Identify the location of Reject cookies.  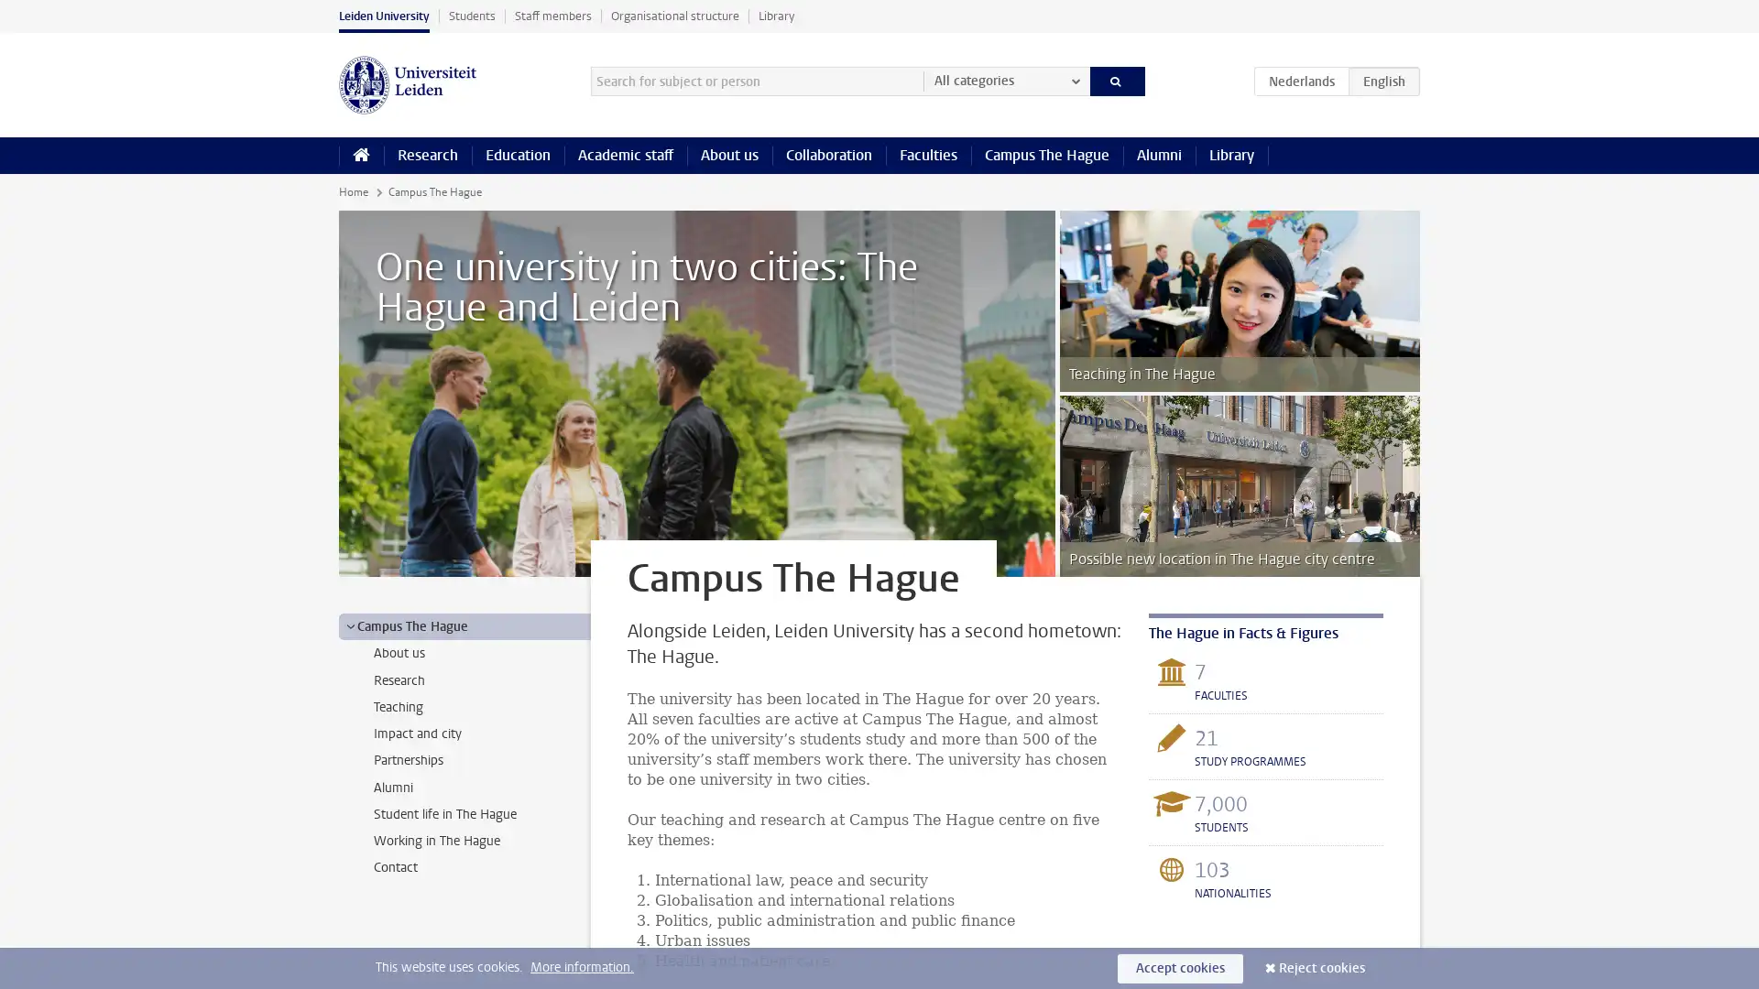
(1322, 967).